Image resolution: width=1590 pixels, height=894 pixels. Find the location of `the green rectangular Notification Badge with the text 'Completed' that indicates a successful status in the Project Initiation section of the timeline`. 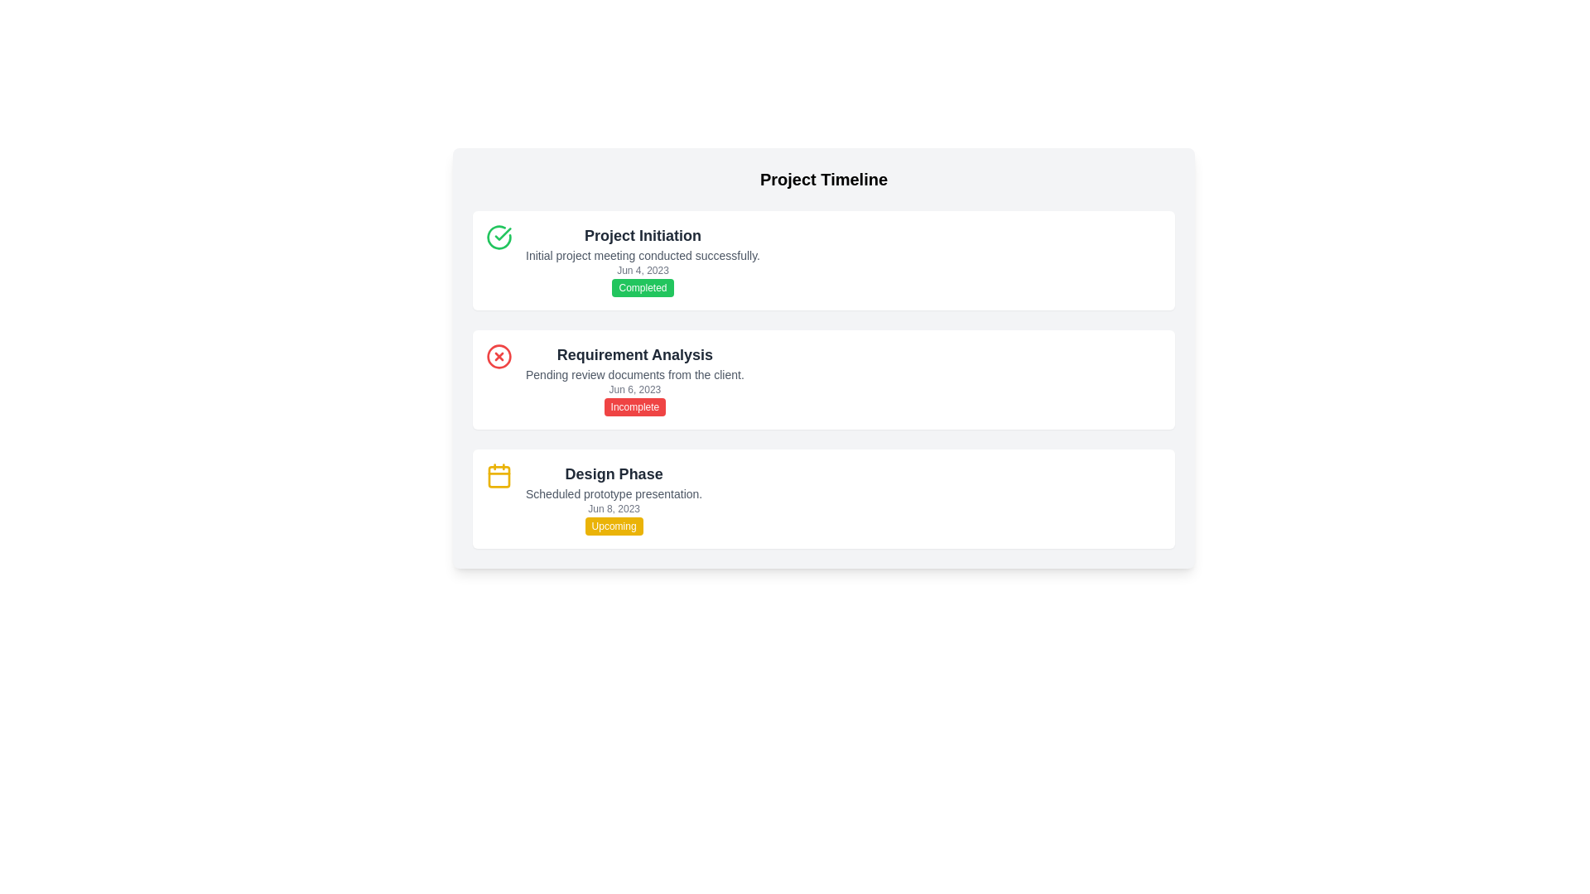

the green rectangular Notification Badge with the text 'Completed' that indicates a successful status in the Project Initiation section of the timeline is located at coordinates (642, 286).